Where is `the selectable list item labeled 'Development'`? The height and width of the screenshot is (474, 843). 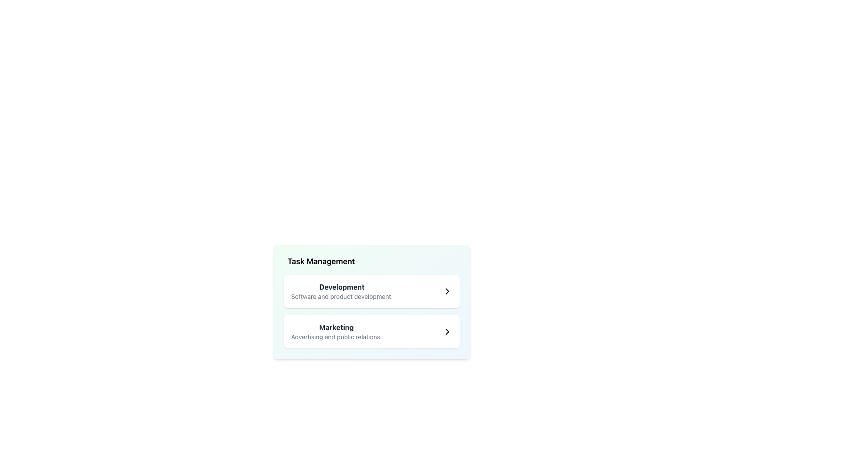
the selectable list item labeled 'Development' is located at coordinates (371, 291).